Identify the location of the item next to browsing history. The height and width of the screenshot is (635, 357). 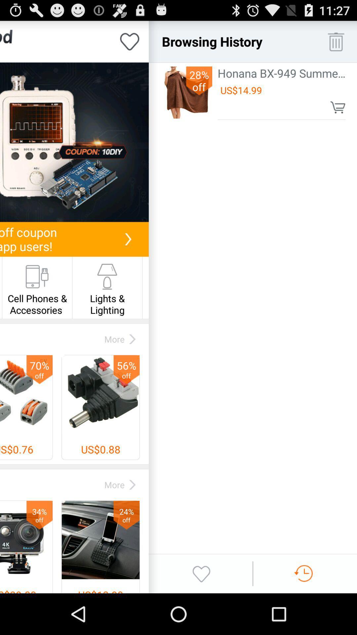
(336, 41).